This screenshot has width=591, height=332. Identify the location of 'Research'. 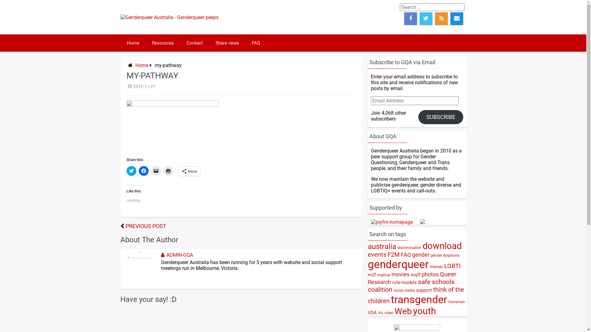
(379, 282).